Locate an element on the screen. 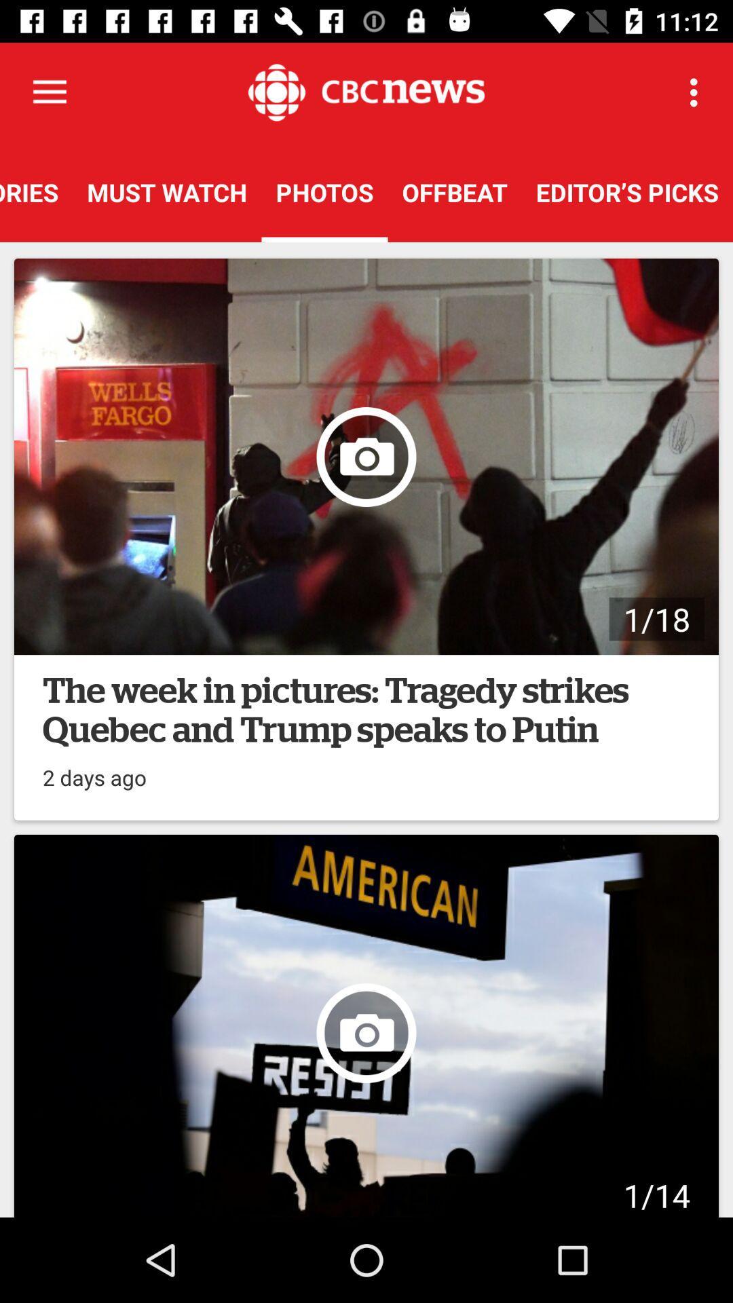 The width and height of the screenshot is (733, 1303). the must watch is located at coordinates (166, 191).